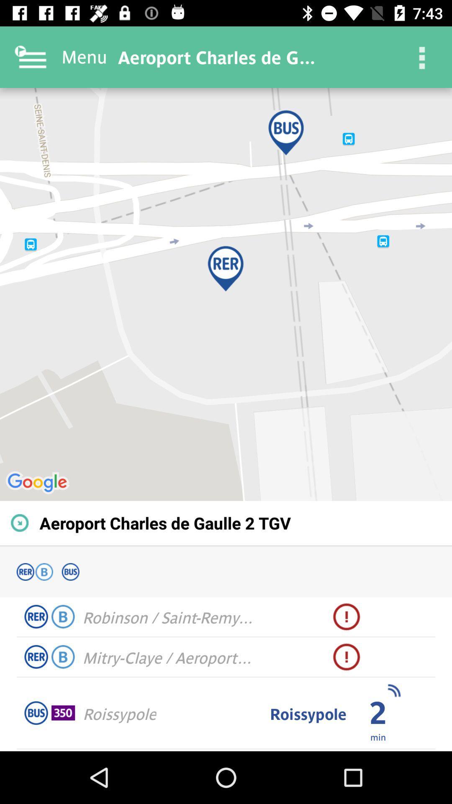  Describe the element at coordinates (347, 657) in the screenshot. I see `the icon next to mitry claye aeroport` at that location.